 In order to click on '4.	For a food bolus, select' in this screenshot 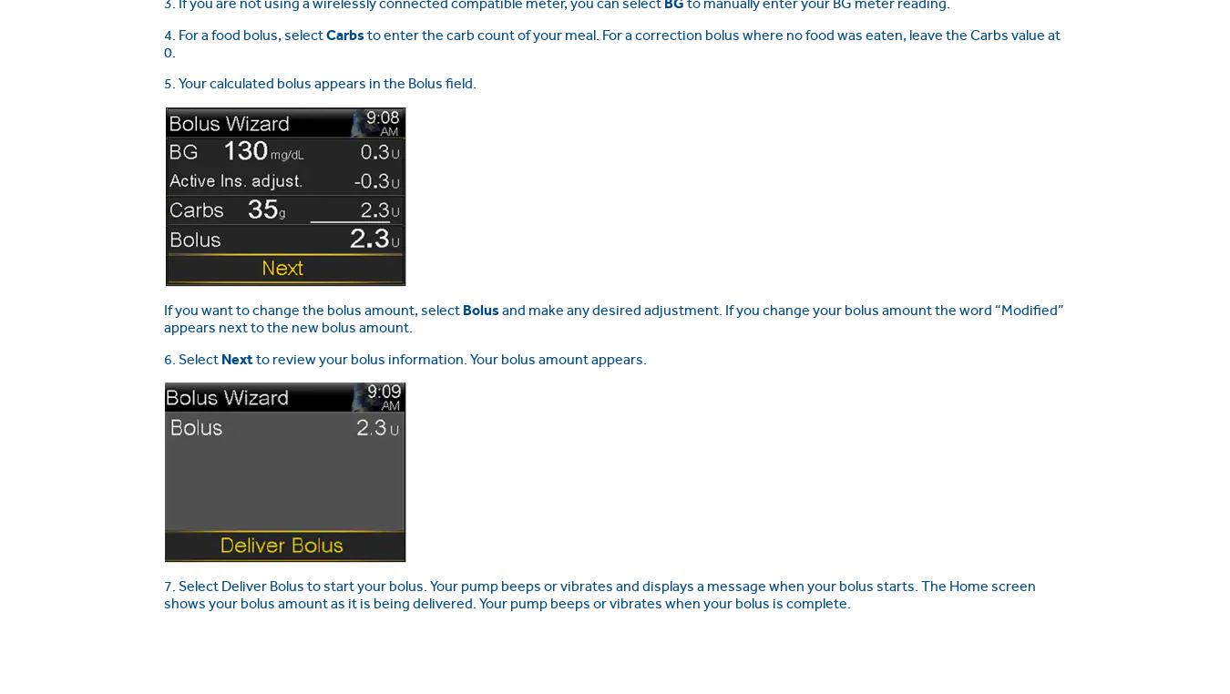, I will do `click(244, 33)`.